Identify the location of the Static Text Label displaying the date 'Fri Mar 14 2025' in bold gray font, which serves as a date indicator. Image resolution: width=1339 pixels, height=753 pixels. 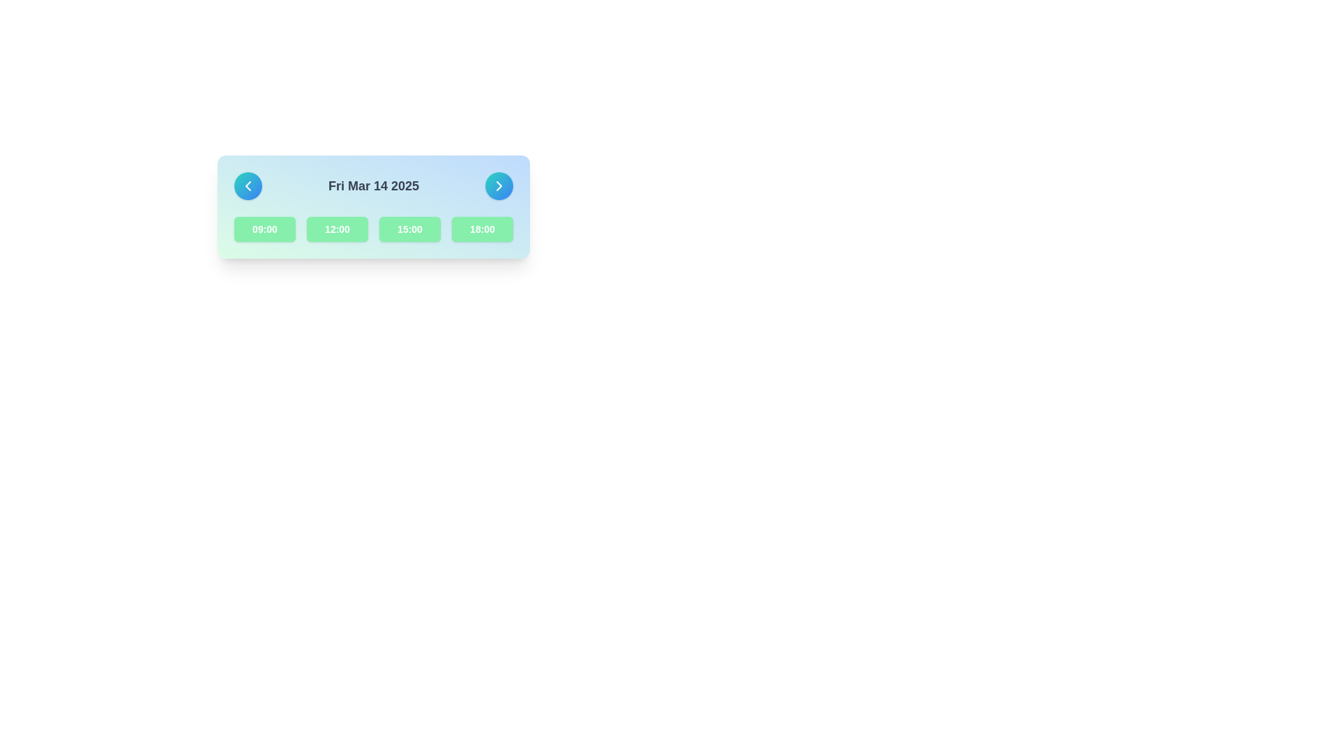
(374, 185).